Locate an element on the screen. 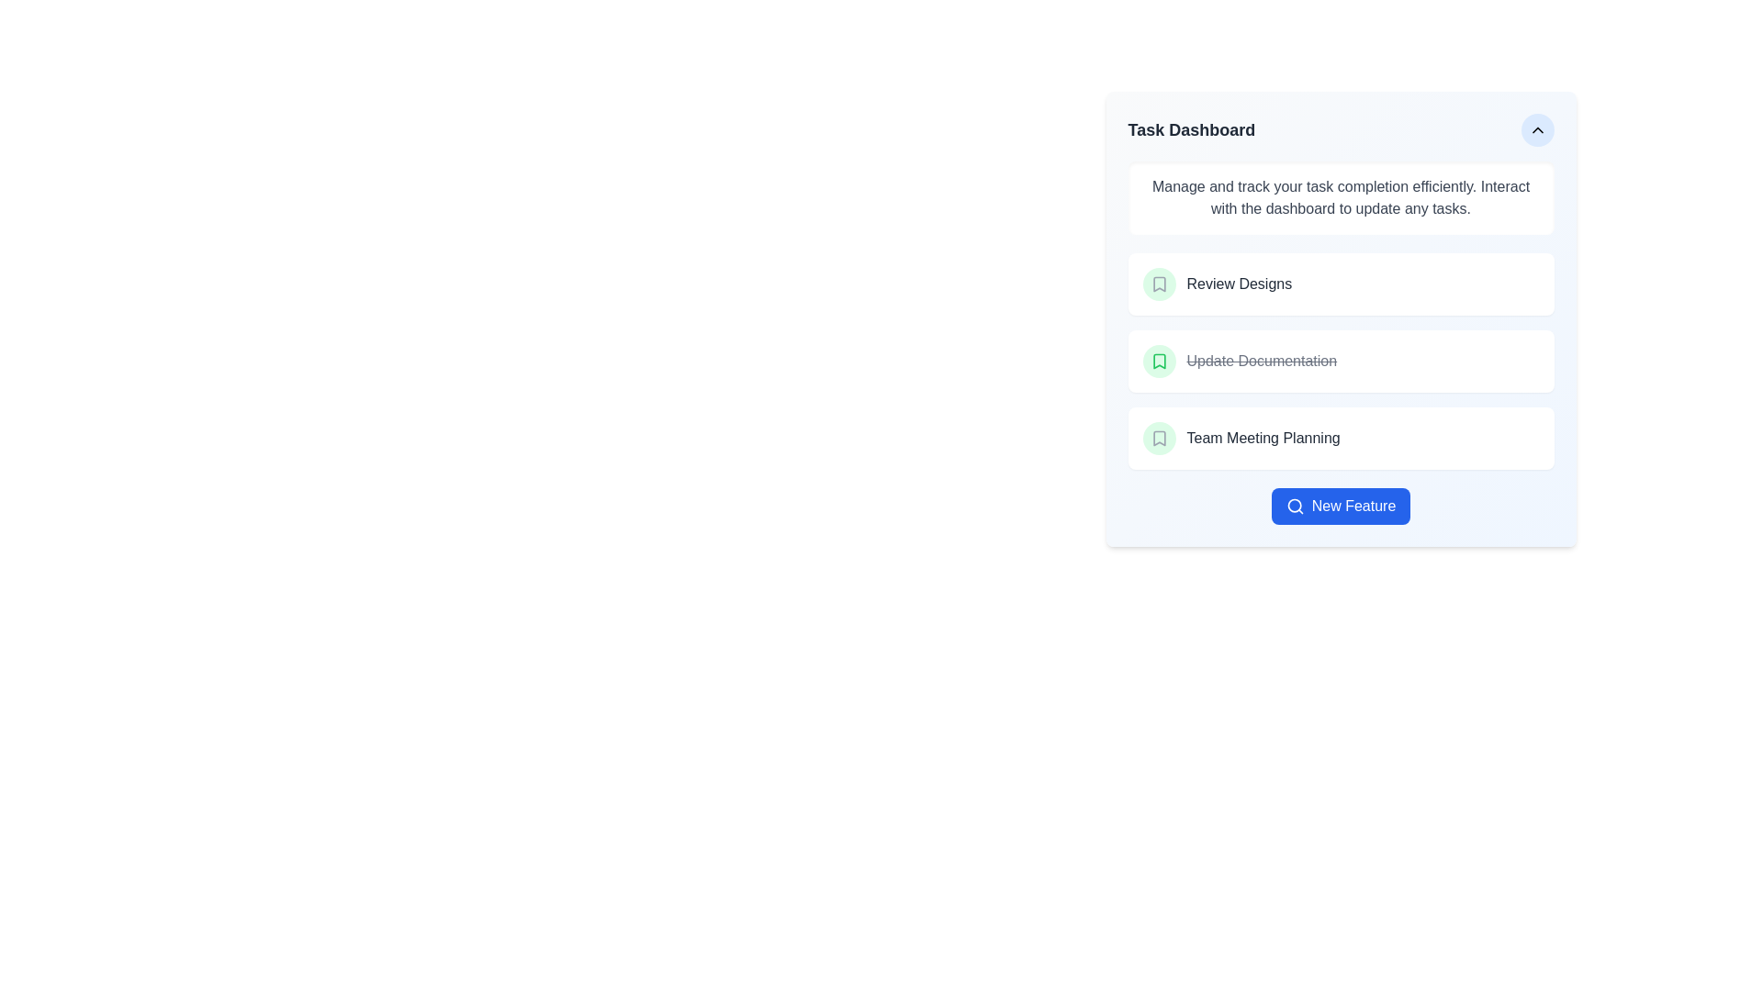  the circular green button with a green bookmark icon located to the left of the 'Update Documentation' text is located at coordinates (1158, 361).